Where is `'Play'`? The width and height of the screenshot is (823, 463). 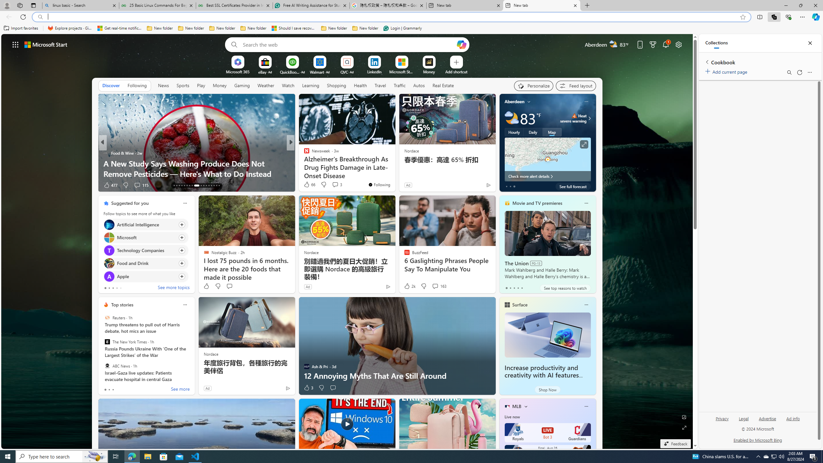 'Play' is located at coordinates (200, 85).